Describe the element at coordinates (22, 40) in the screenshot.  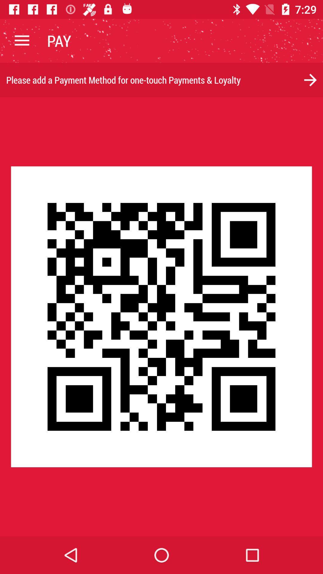
I see `icon to the left of pay` at that location.